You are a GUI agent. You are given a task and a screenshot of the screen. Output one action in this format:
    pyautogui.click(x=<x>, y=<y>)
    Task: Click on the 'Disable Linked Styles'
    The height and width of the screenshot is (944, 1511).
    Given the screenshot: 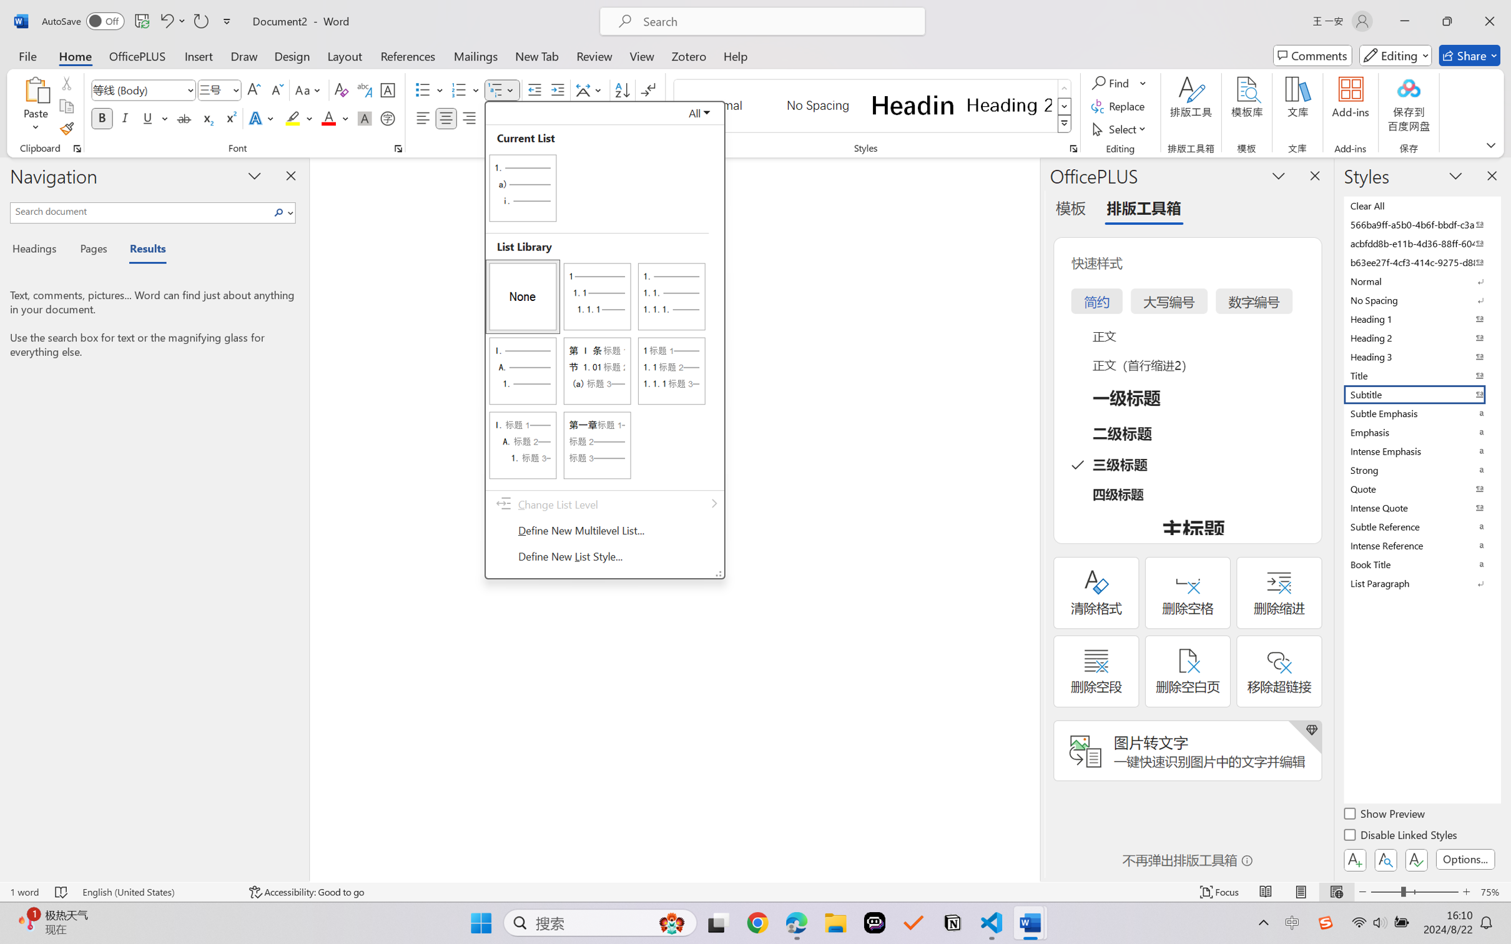 What is the action you would take?
    pyautogui.click(x=1400, y=836)
    